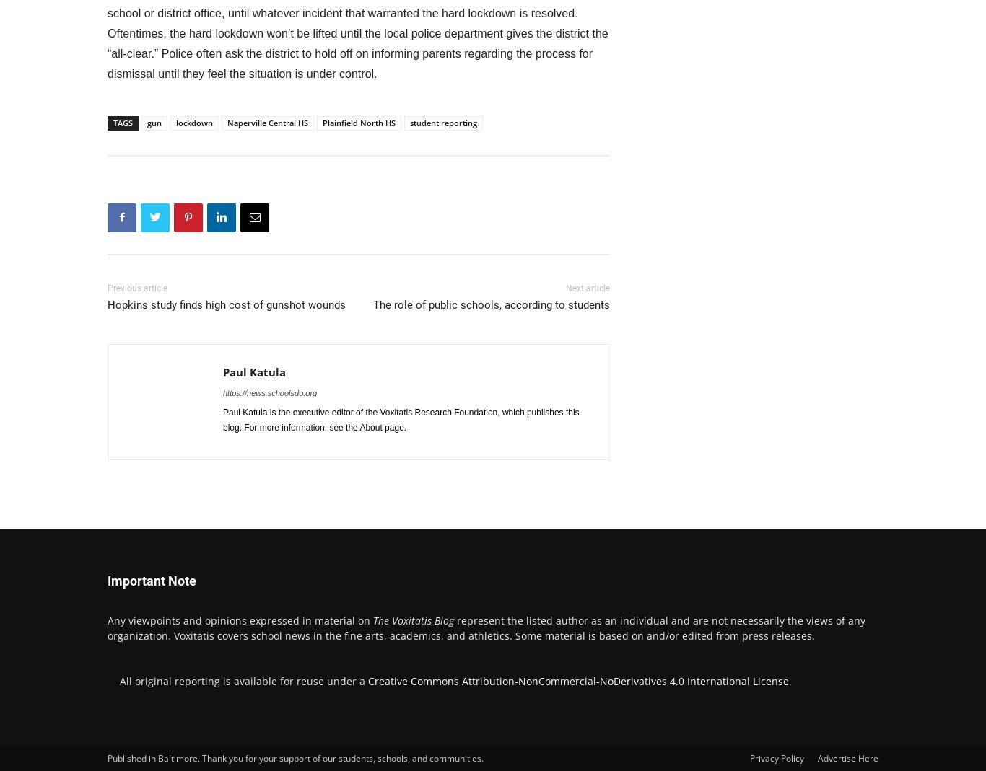 The image size is (986, 771). I want to click on 'student reporting', so click(409, 122).